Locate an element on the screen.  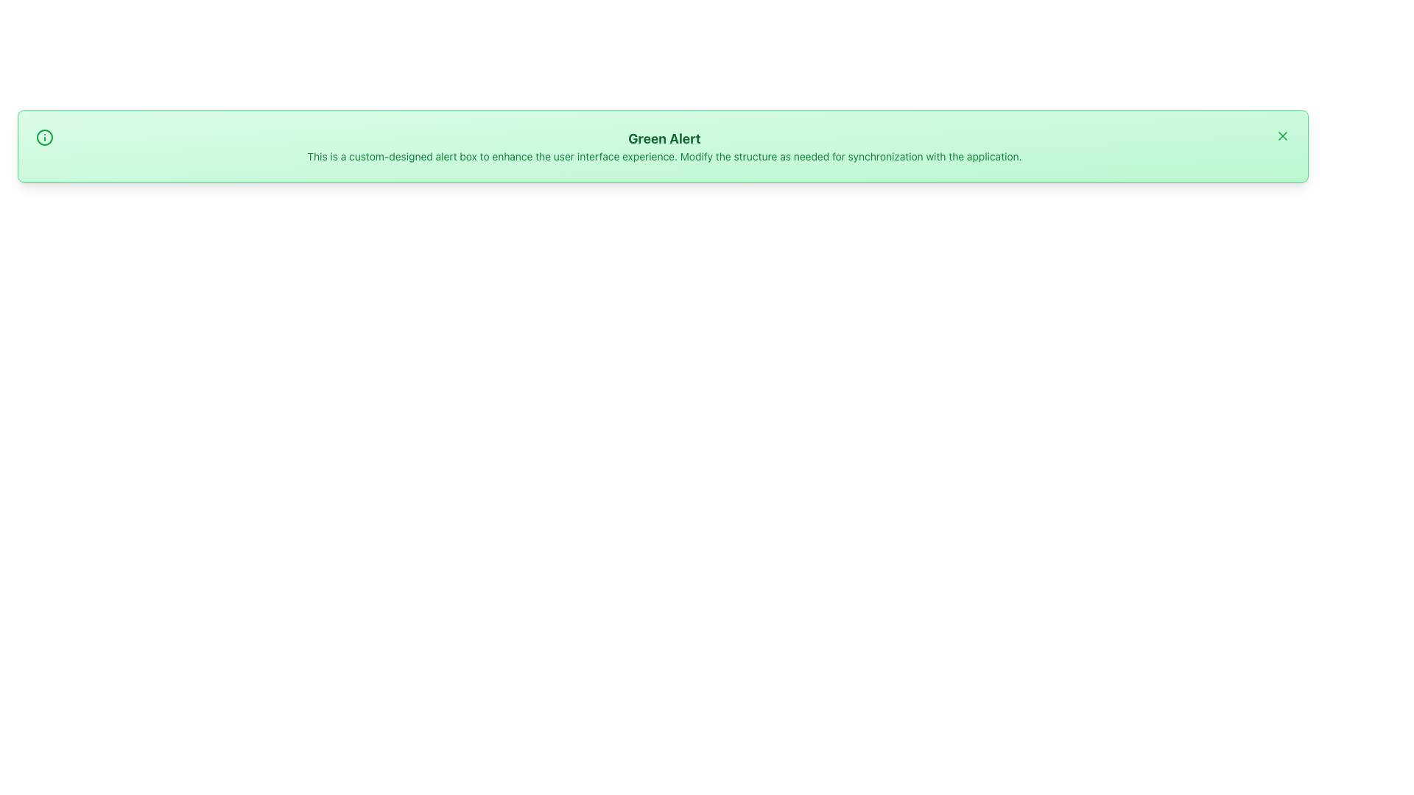
the dismiss button located at the far-right end of the green alert box is located at coordinates (1282, 136).